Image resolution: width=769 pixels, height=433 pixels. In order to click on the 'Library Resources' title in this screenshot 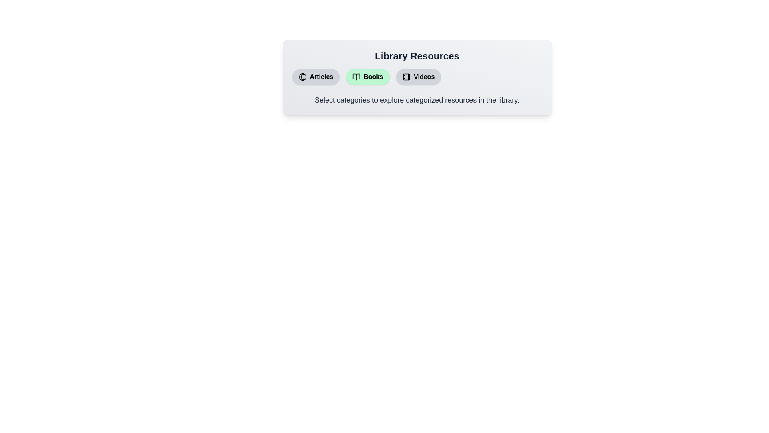, I will do `click(417, 55)`.